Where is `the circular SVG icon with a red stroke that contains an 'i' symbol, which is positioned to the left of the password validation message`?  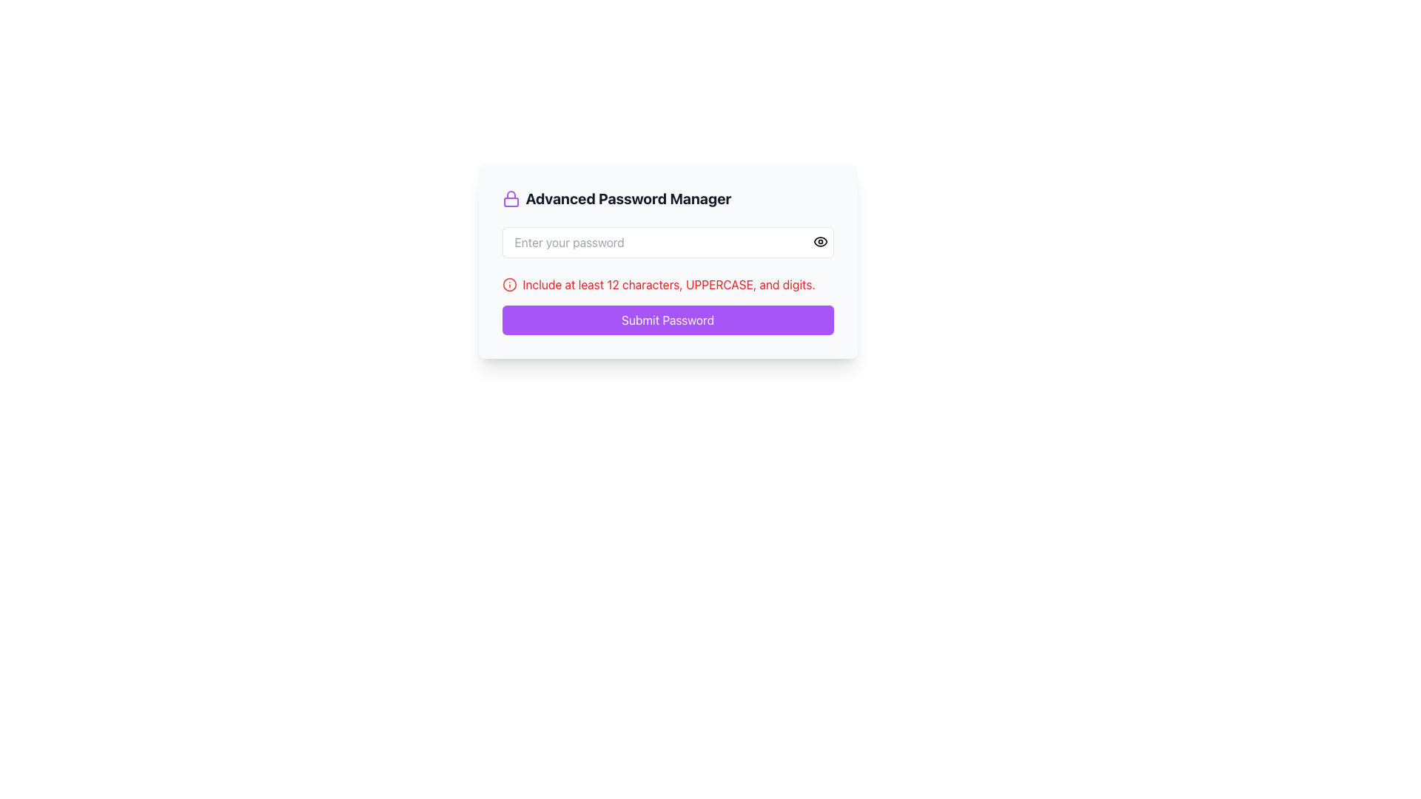
the circular SVG icon with a red stroke that contains an 'i' symbol, which is positioned to the left of the password validation message is located at coordinates (509, 285).